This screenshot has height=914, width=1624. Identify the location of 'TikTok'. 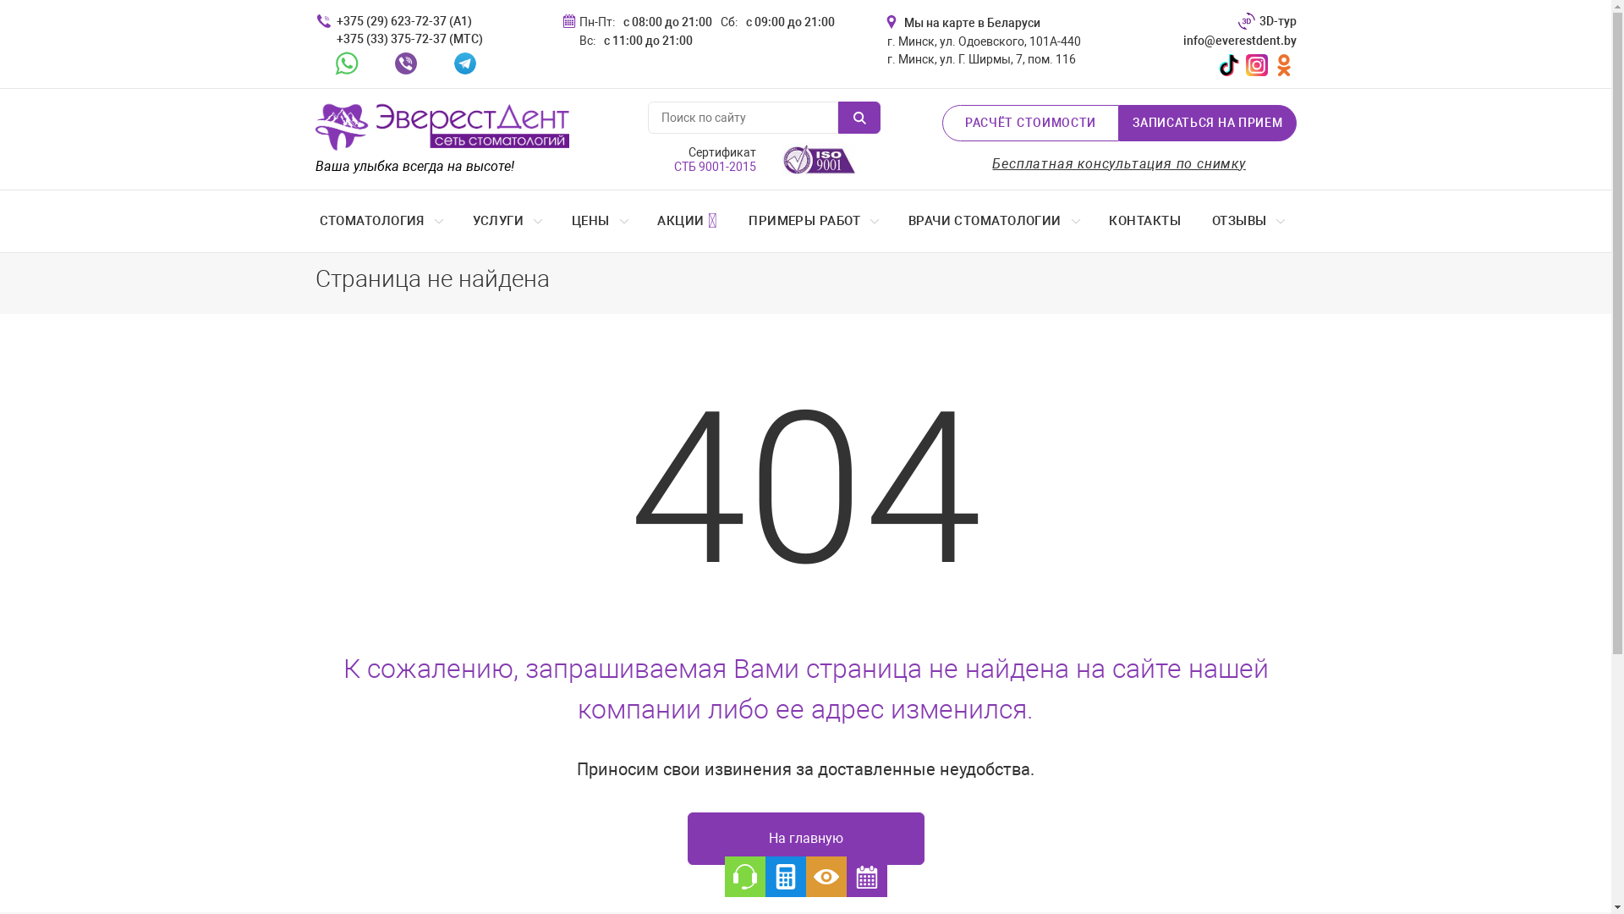
(1213, 63).